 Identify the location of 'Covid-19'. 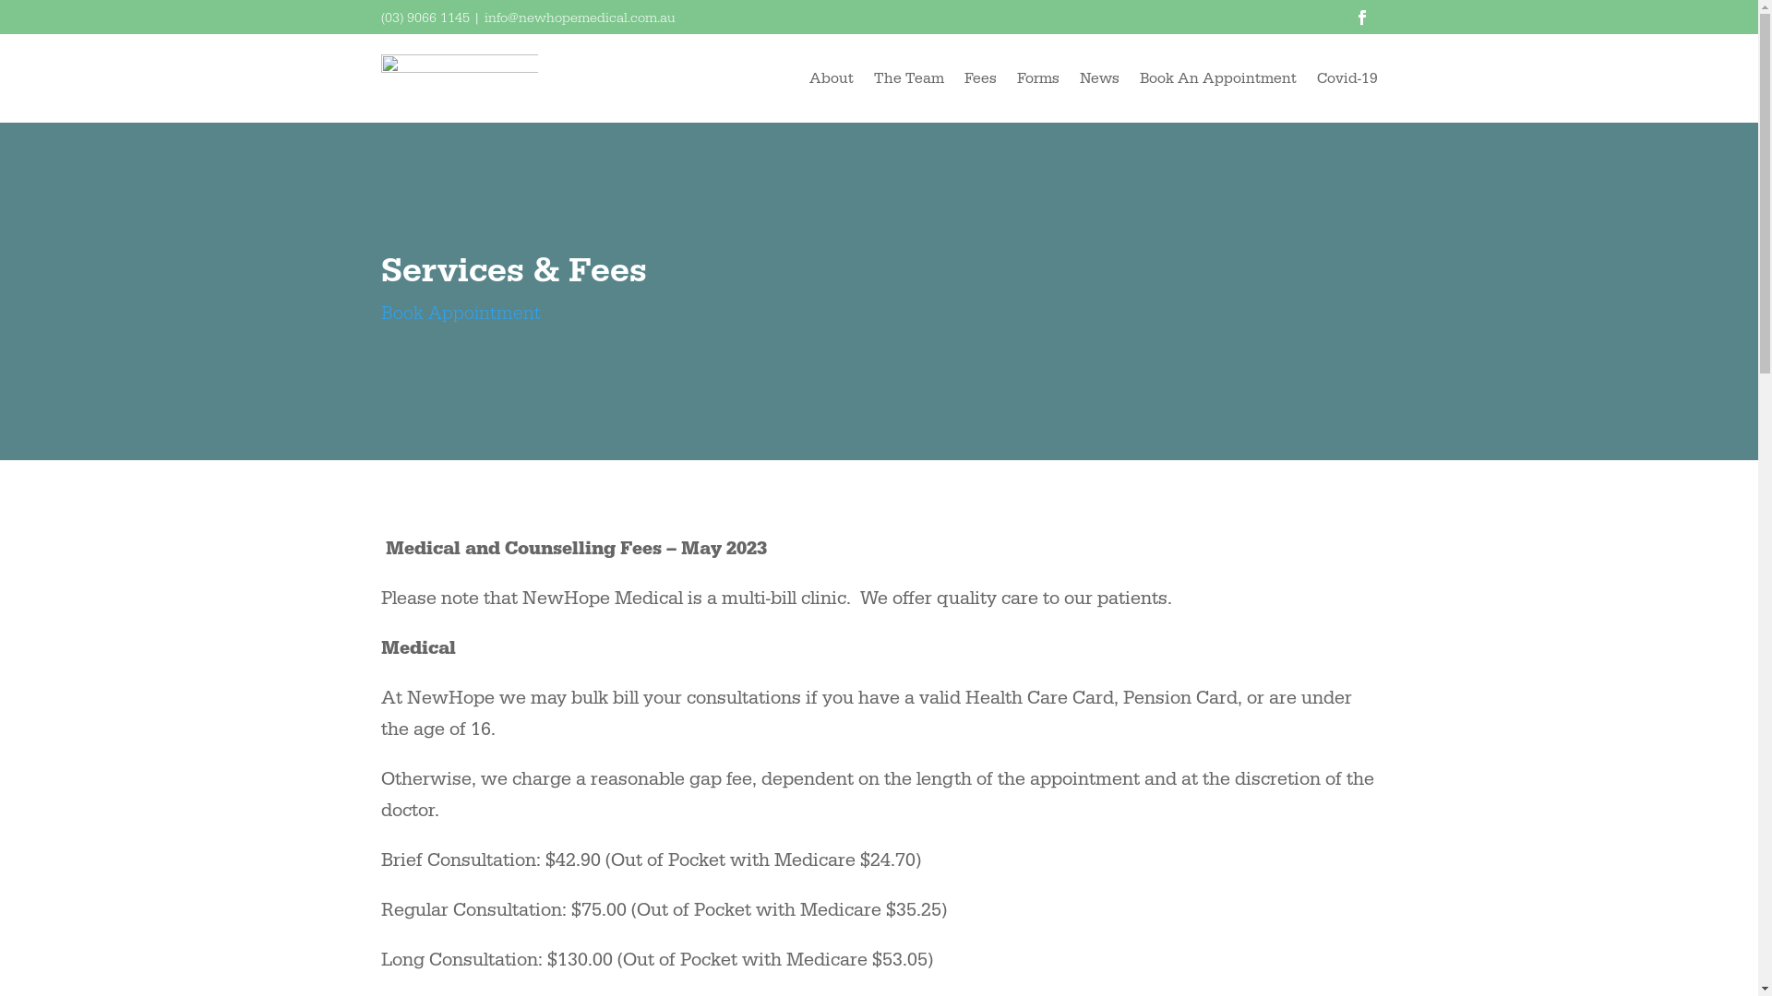
(1314, 77).